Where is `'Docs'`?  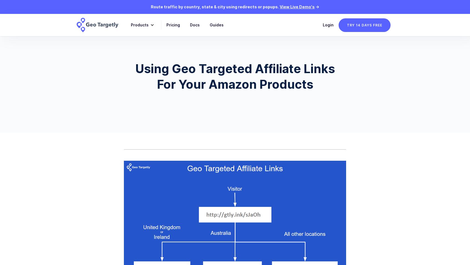
'Docs' is located at coordinates (195, 24).